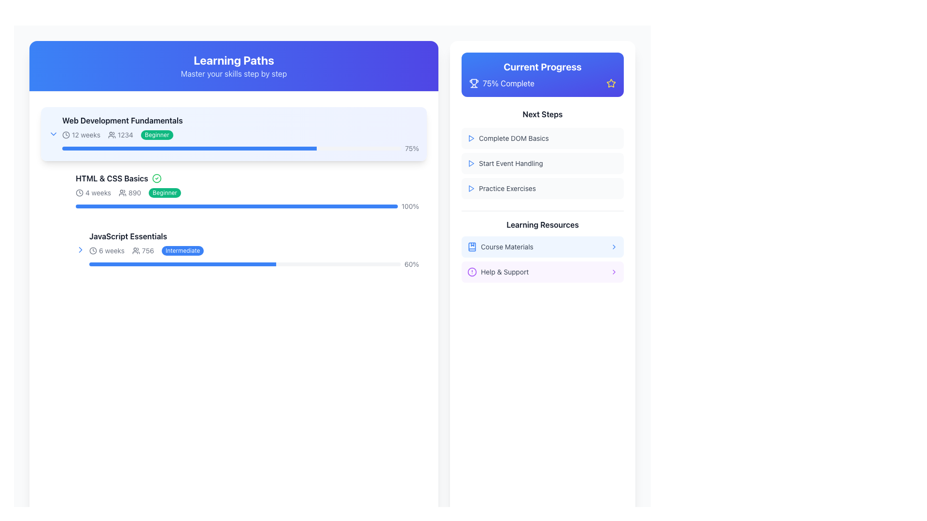  I want to click on the static text element that serves as a title for the card, which is located at the top right-hand side of the interface, above the '75% Complete' text, so click(542, 66).